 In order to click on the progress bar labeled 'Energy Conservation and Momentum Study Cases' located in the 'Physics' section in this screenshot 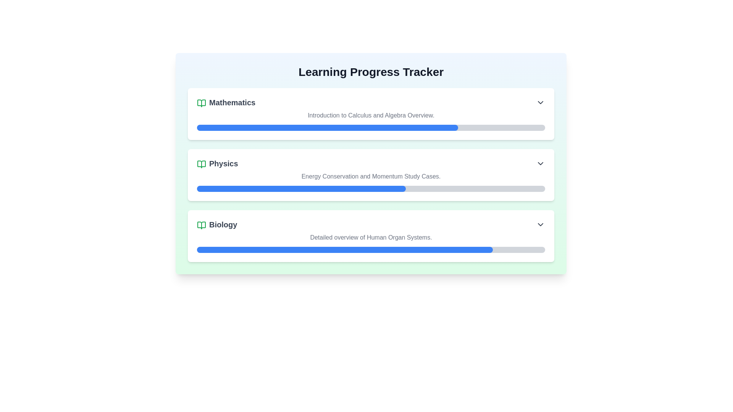, I will do `click(371, 182)`.